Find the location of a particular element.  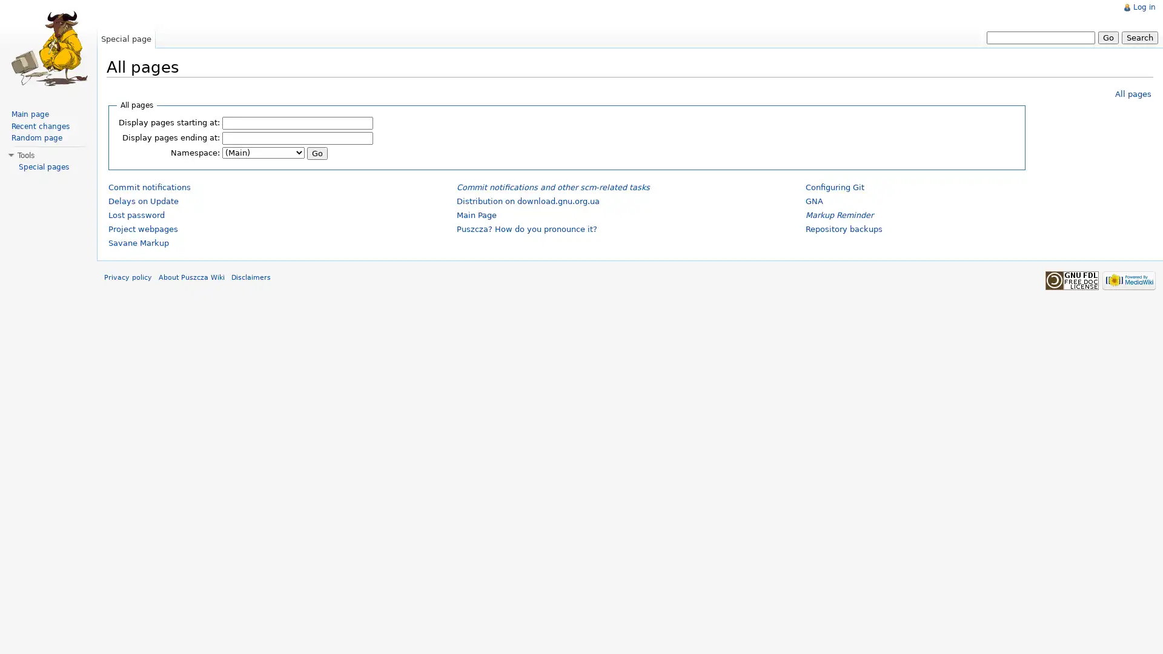

Search is located at coordinates (1139, 36).